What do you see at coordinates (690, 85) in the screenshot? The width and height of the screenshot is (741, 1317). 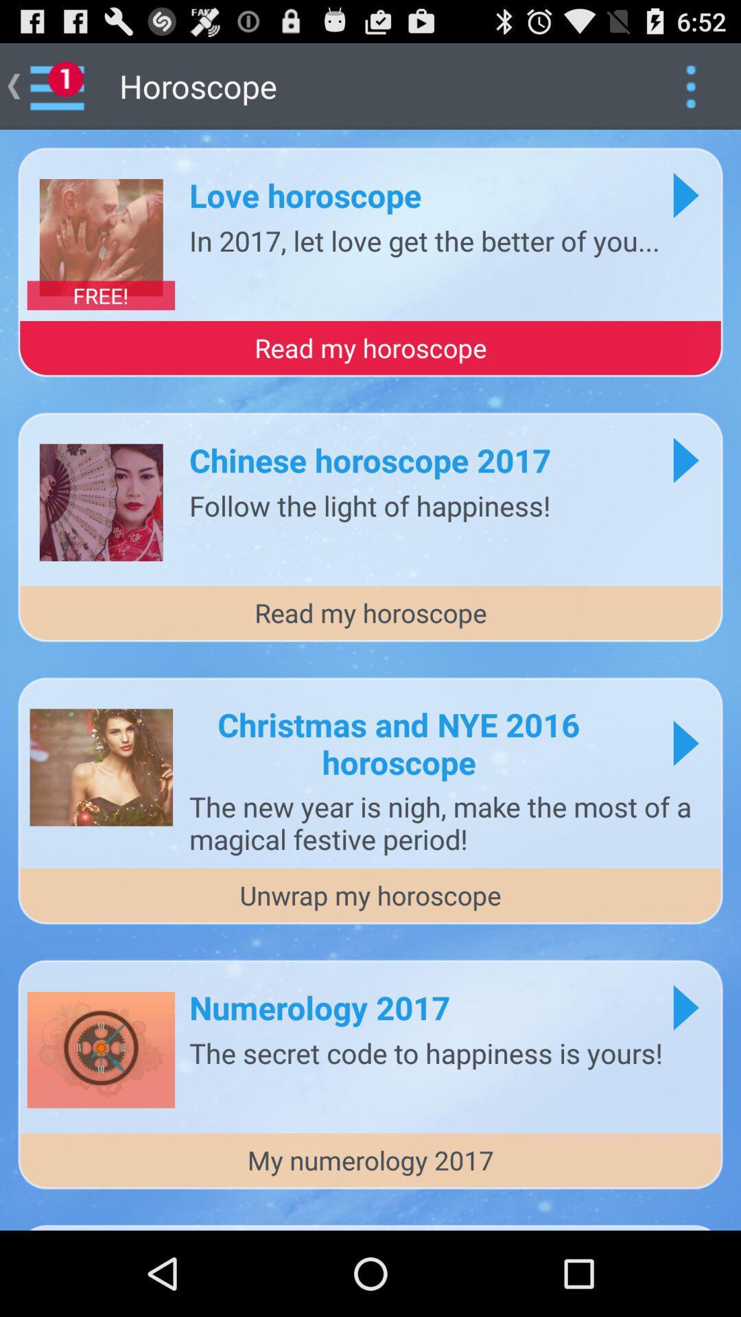 I see `the button which is next to the horoscope` at bounding box center [690, 85].